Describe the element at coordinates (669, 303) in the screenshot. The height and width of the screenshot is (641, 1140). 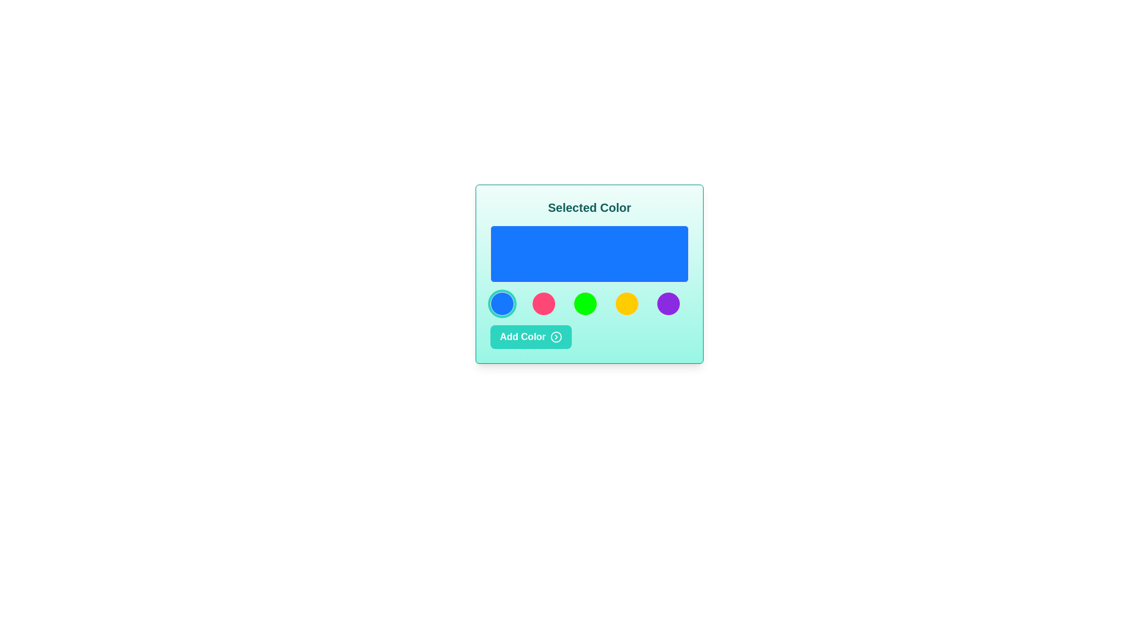
I see `the fifth button in the horizontal grid` at that location.